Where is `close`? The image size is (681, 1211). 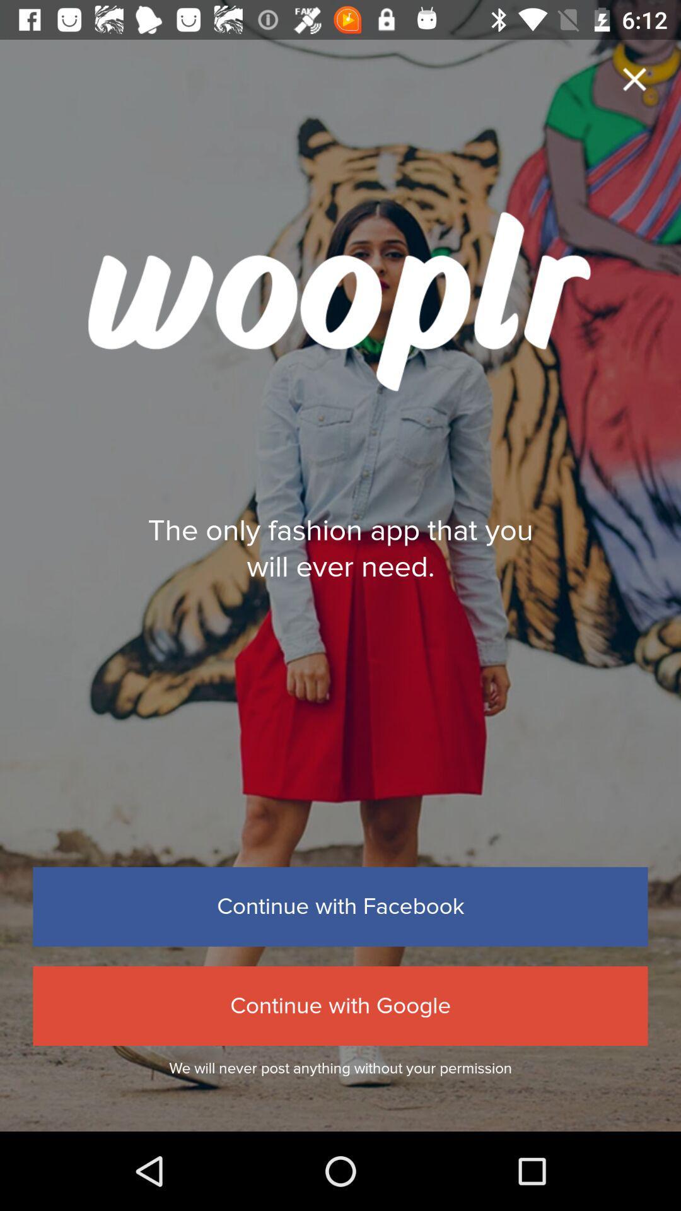 close is located at coordinates (634, 78).